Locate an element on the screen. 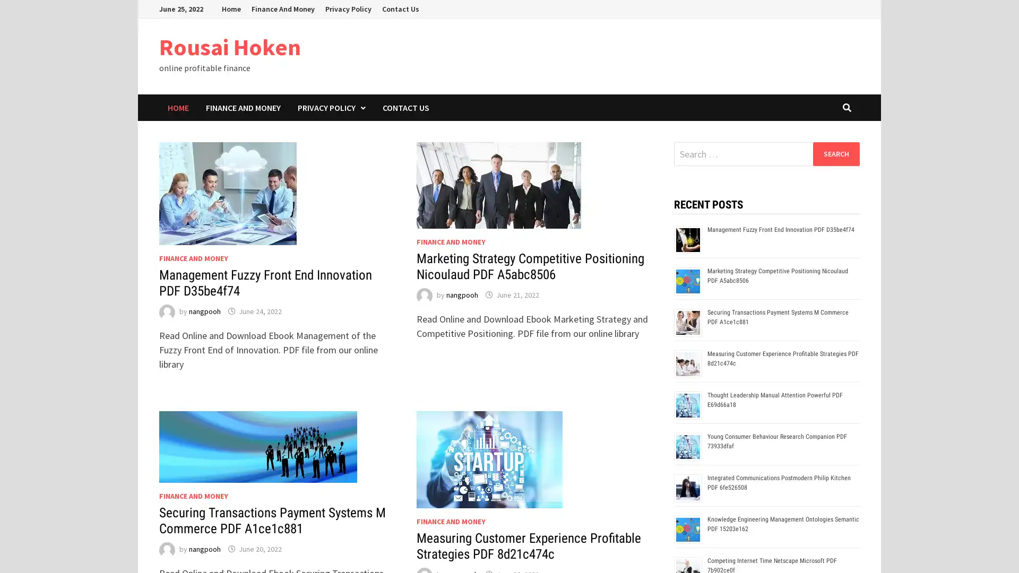  Search is located at coordinates (835, 153).